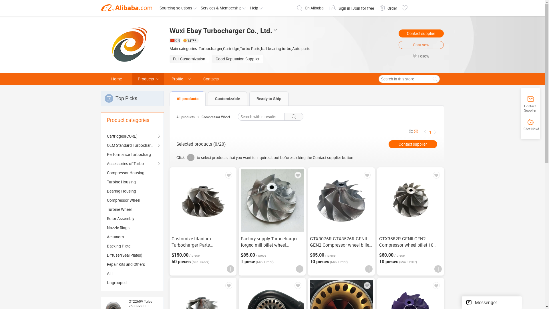  What do you see at coordinates (132, 98) in the screenshot?
I see `'Top Picks'` at bounding box center [132, 98].